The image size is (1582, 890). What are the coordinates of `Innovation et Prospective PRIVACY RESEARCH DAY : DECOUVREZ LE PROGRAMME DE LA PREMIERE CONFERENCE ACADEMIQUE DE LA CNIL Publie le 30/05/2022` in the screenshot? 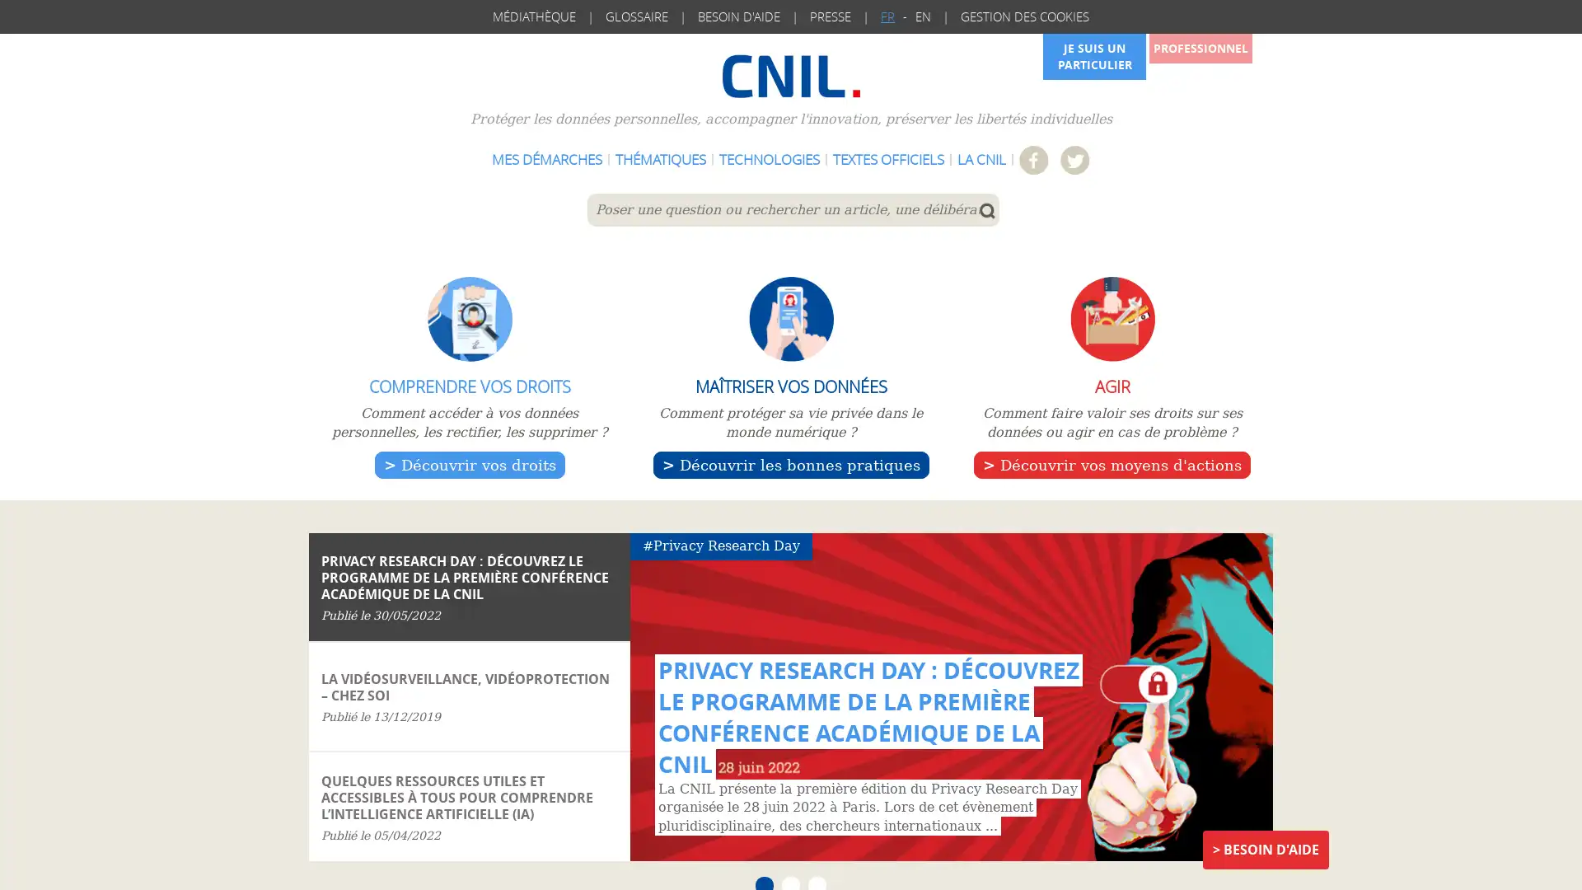 It's located at (469, 587).